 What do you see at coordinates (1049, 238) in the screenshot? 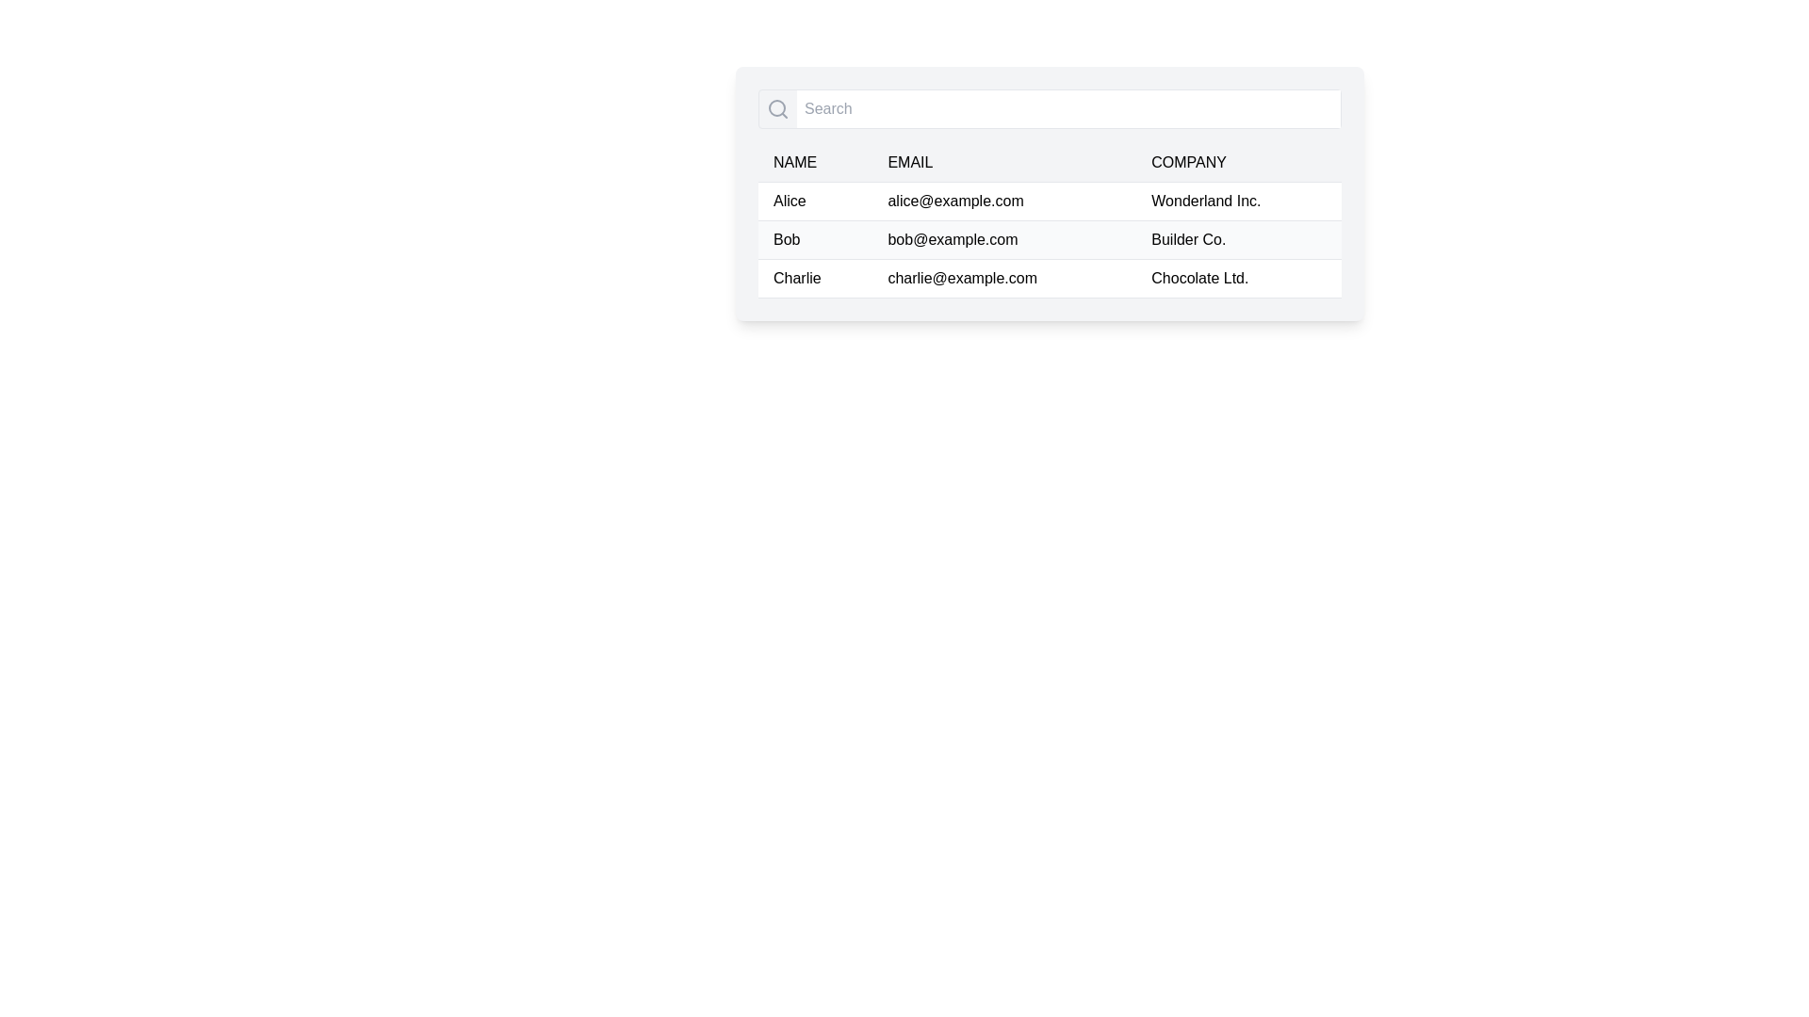
I see `the second row containing user profile details for 'Bob', which includes his name, email, and company` at bounding box center [1049, 238].